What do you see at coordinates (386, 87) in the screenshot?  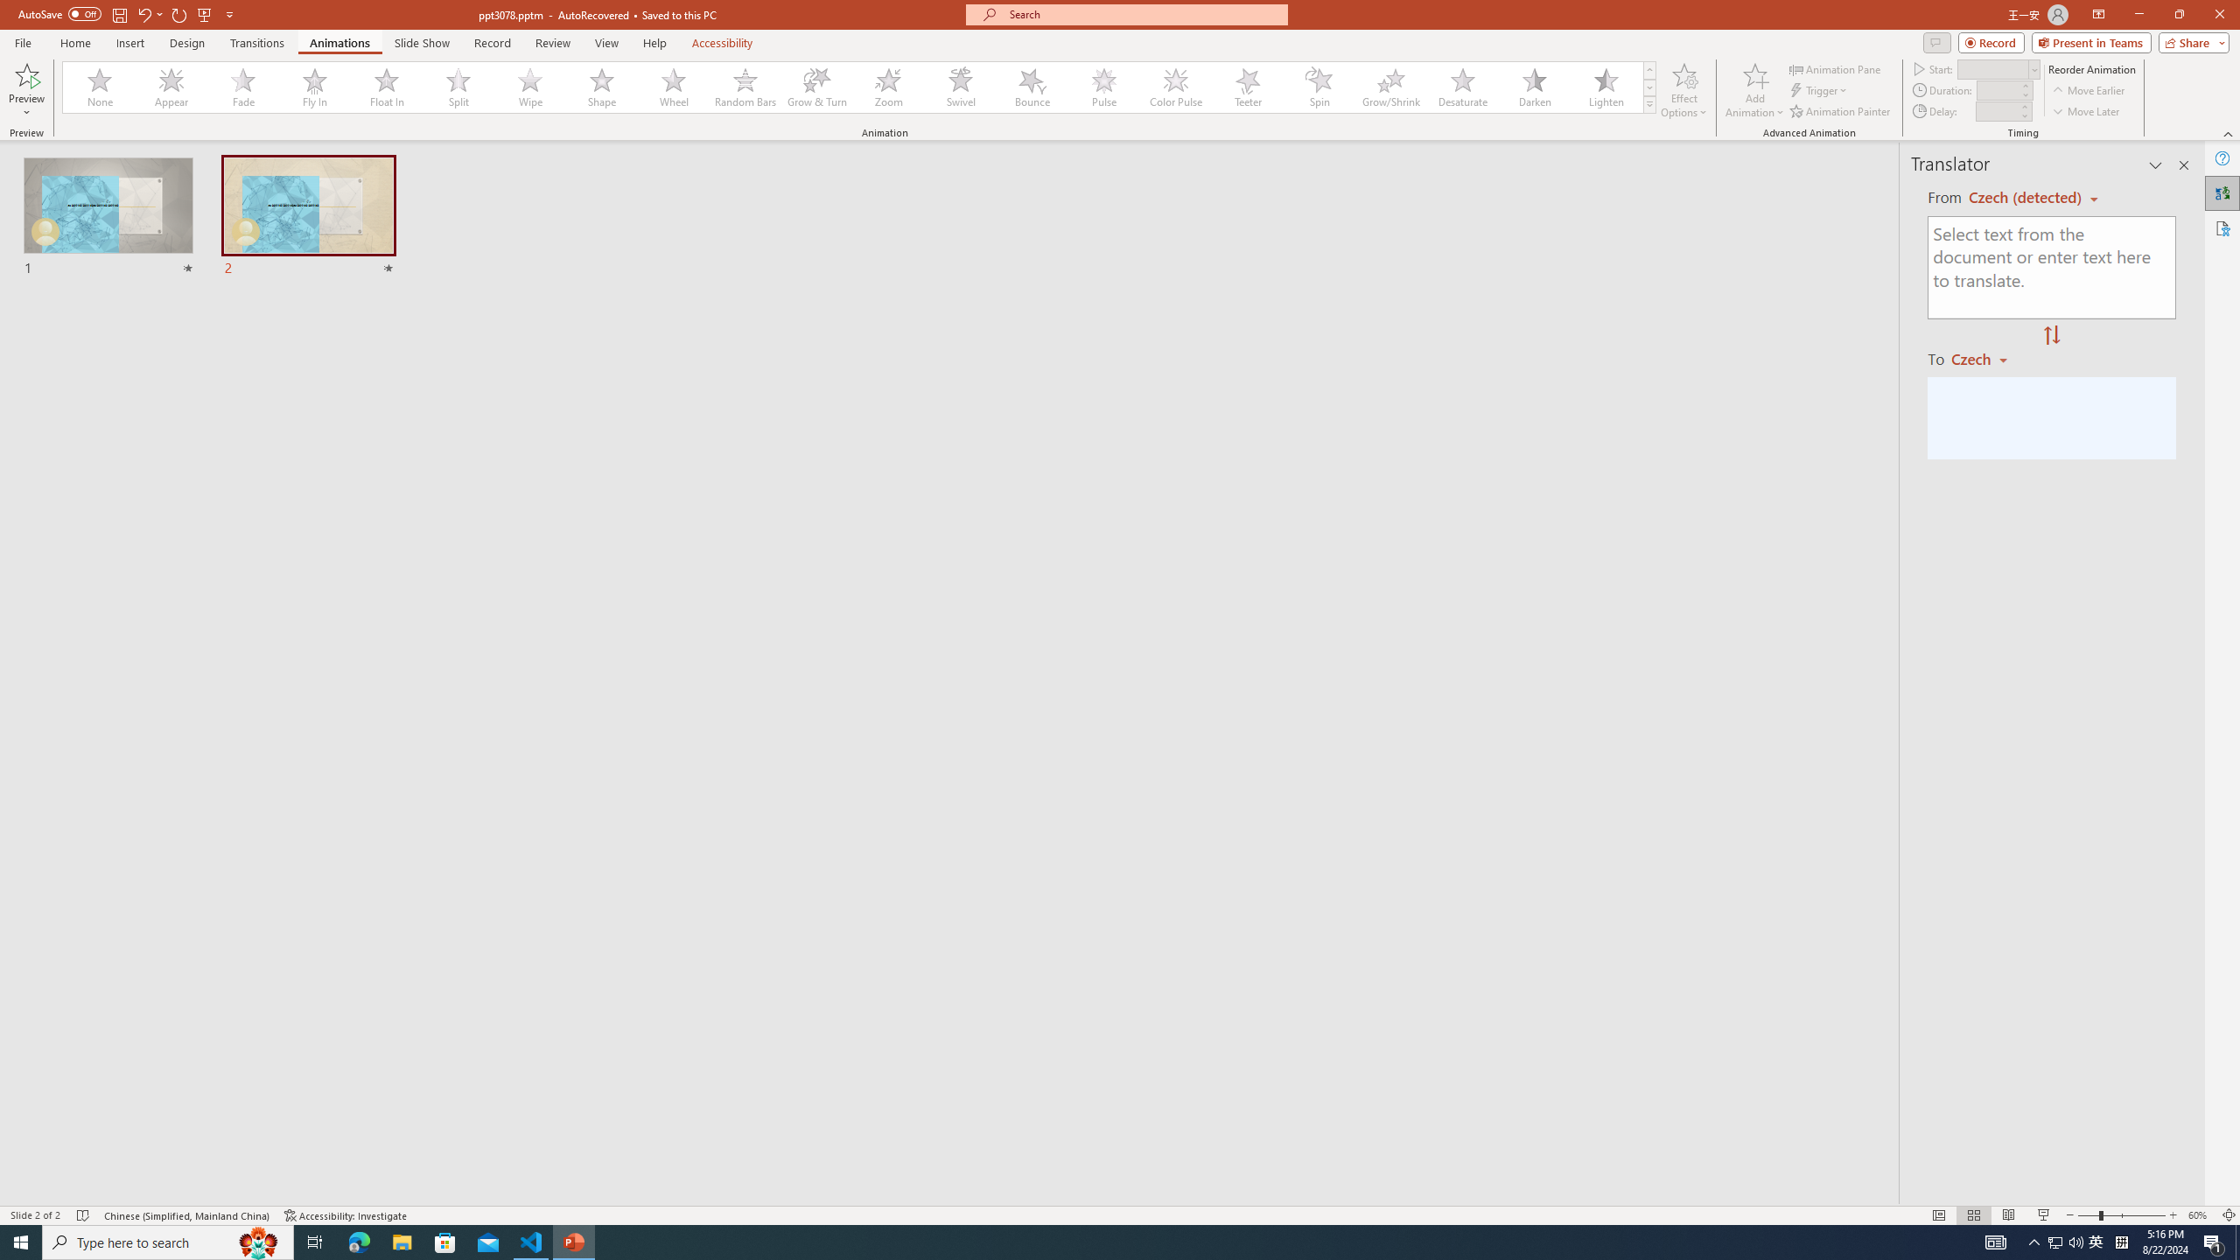 I see `'Float In'` at bounding box center [386, 87].